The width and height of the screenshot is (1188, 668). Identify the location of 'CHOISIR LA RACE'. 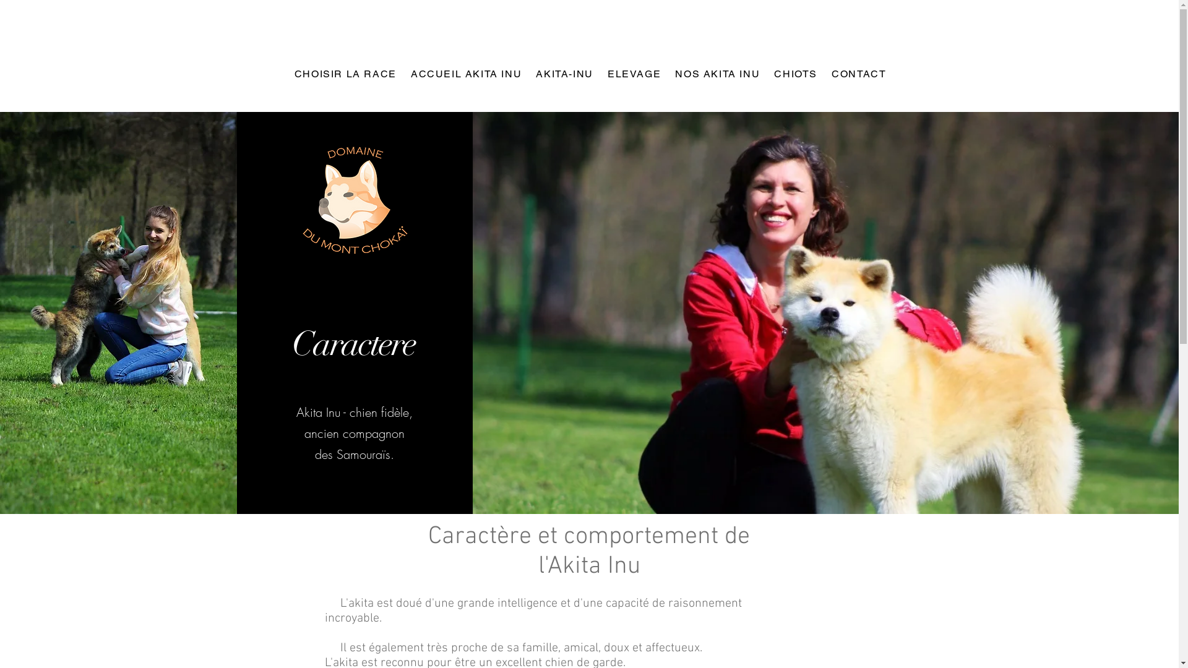
(344, 74).